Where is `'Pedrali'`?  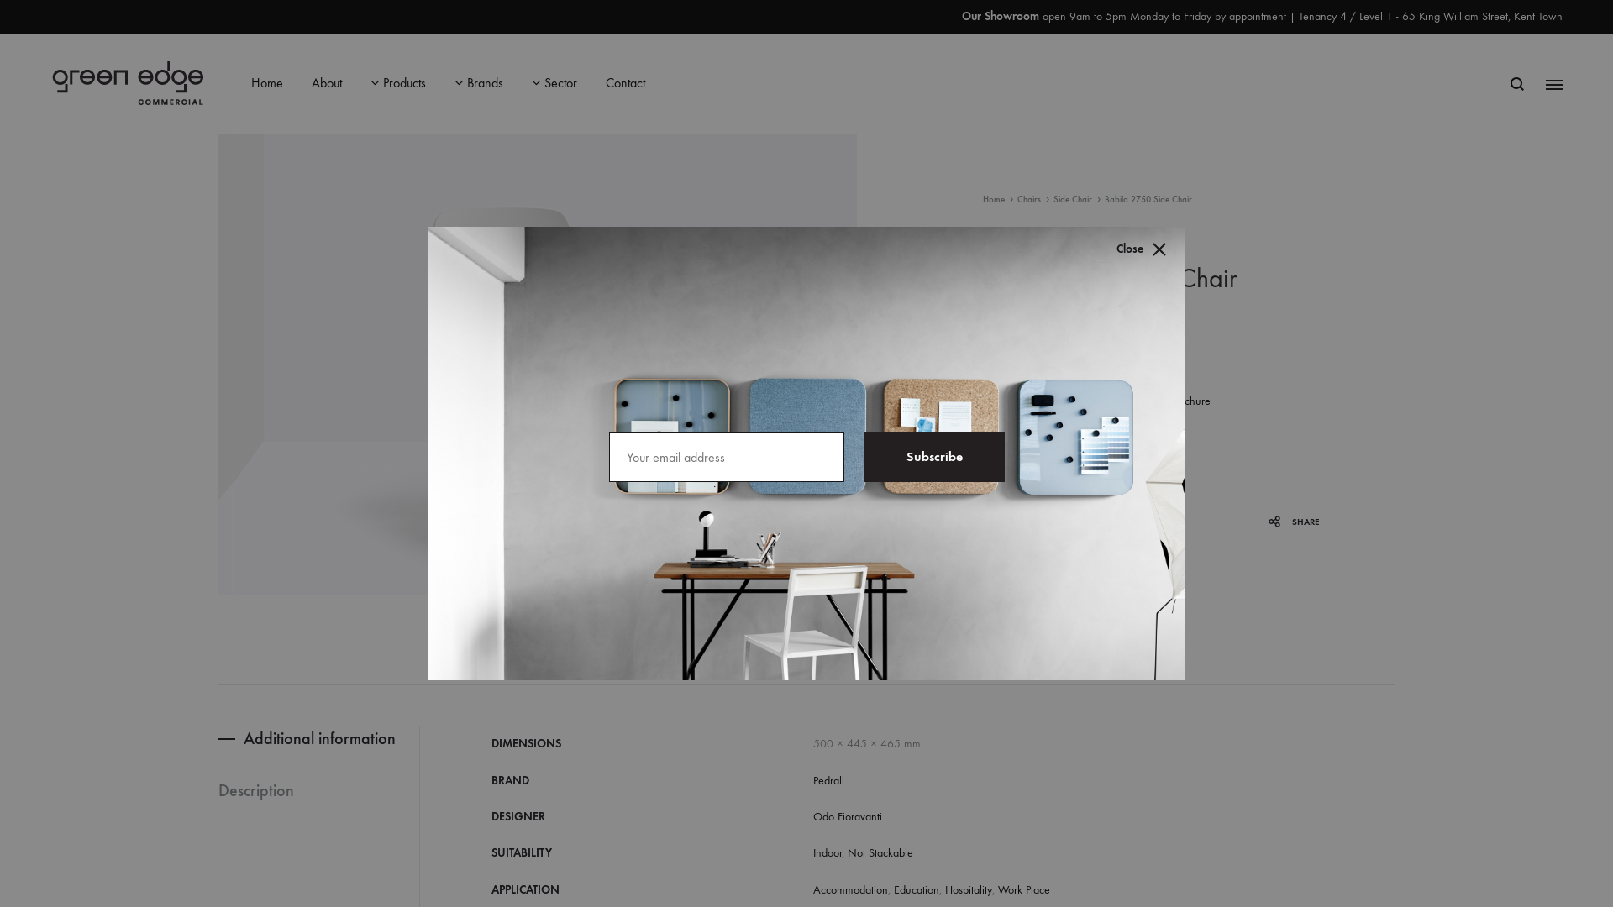 'Pedrali' is located at coordinates (813, 780).